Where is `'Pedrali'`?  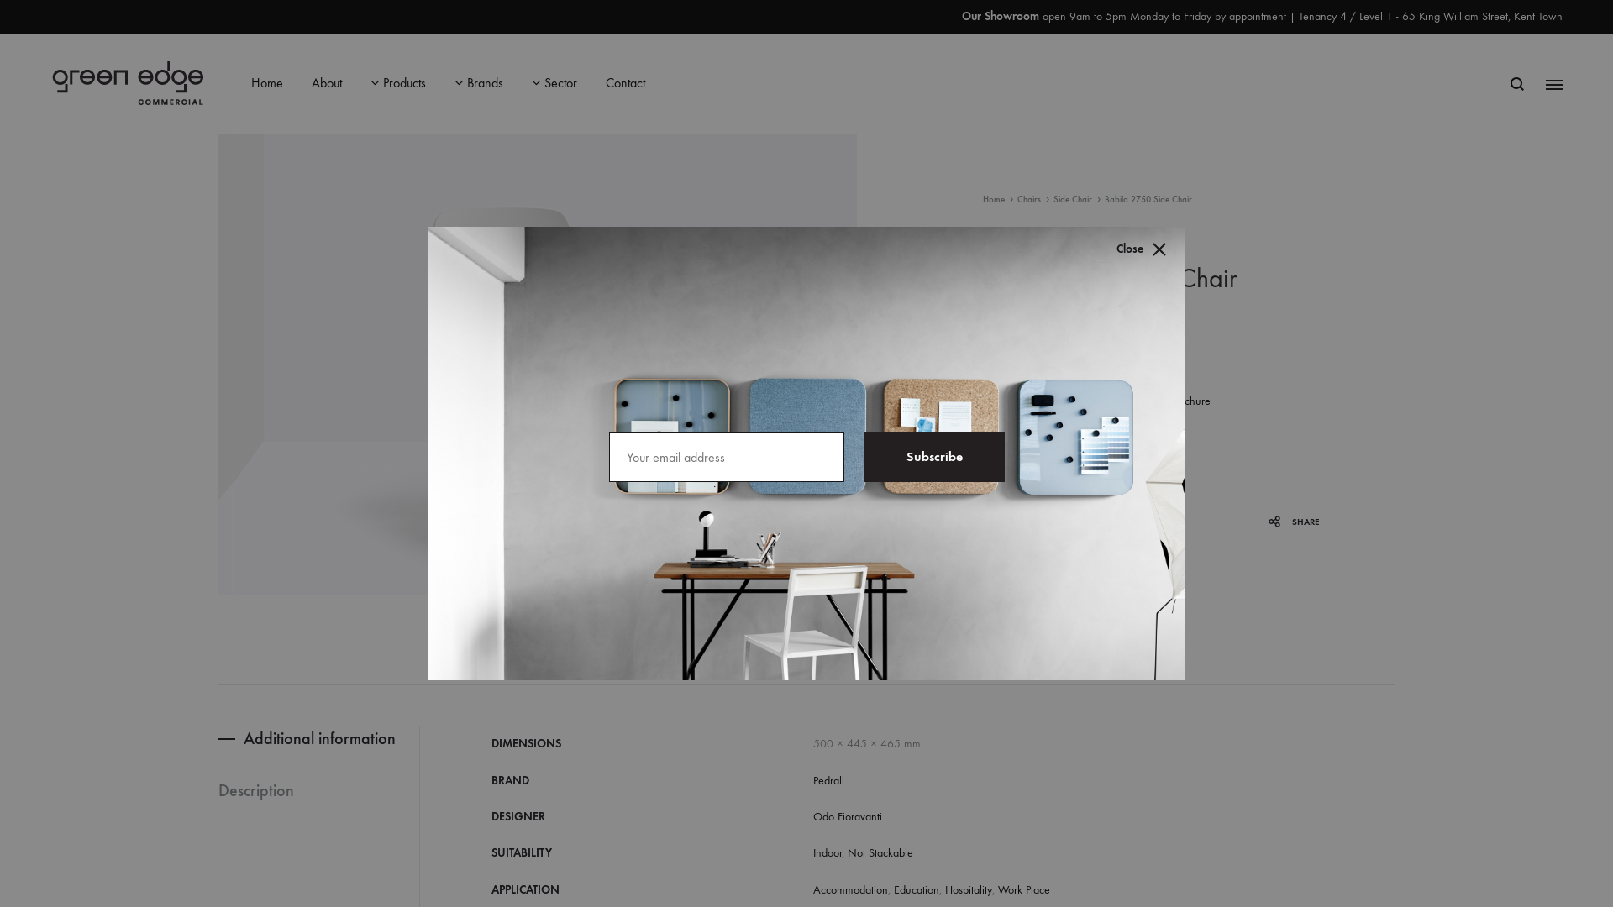 'Pedrali' is located at coordinates (813, 780).